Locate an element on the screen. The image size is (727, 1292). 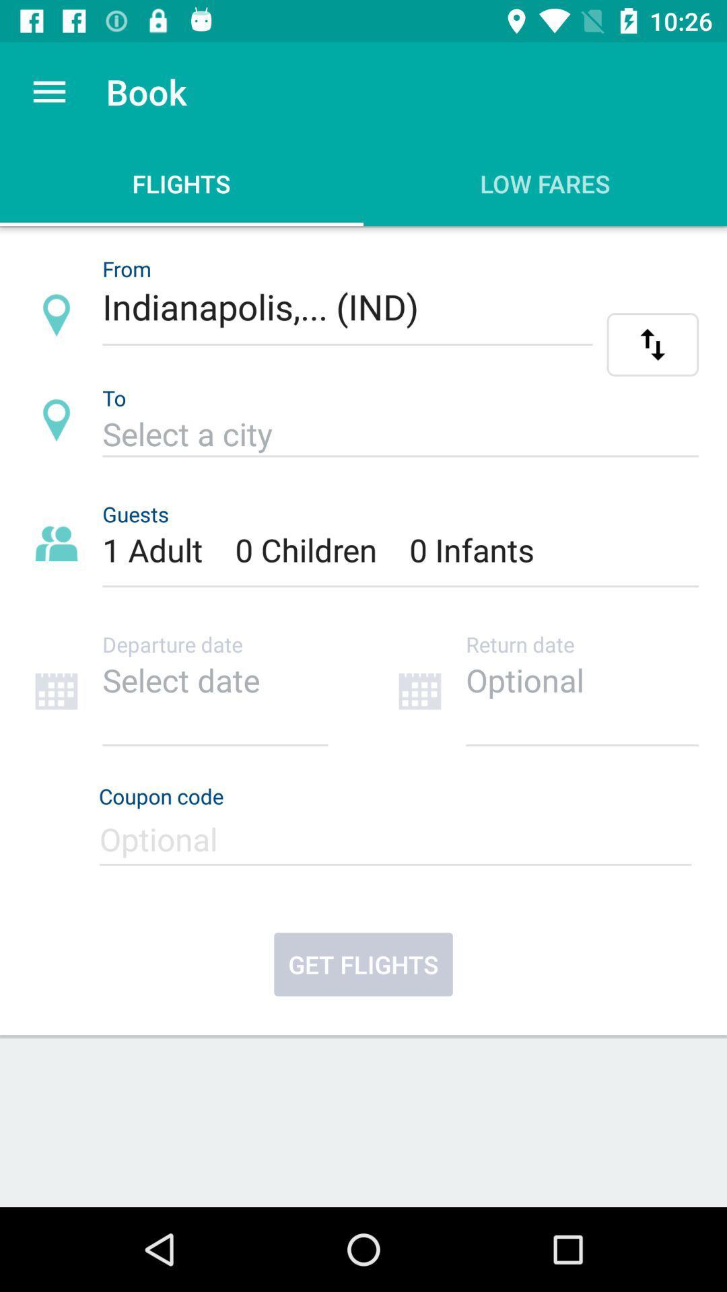
the swap icon is located at coordinates (652, 345).